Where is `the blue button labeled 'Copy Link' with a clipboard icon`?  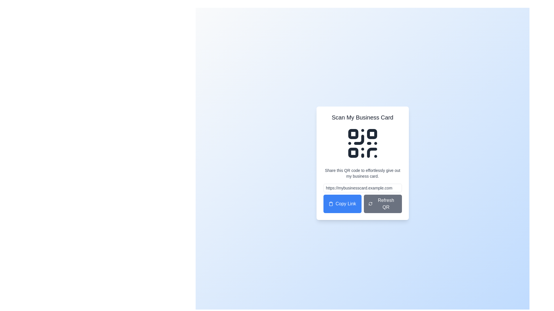
the blue button labeled 'Copy Link' with a clipboard icon is located at coordinates (342, 204).